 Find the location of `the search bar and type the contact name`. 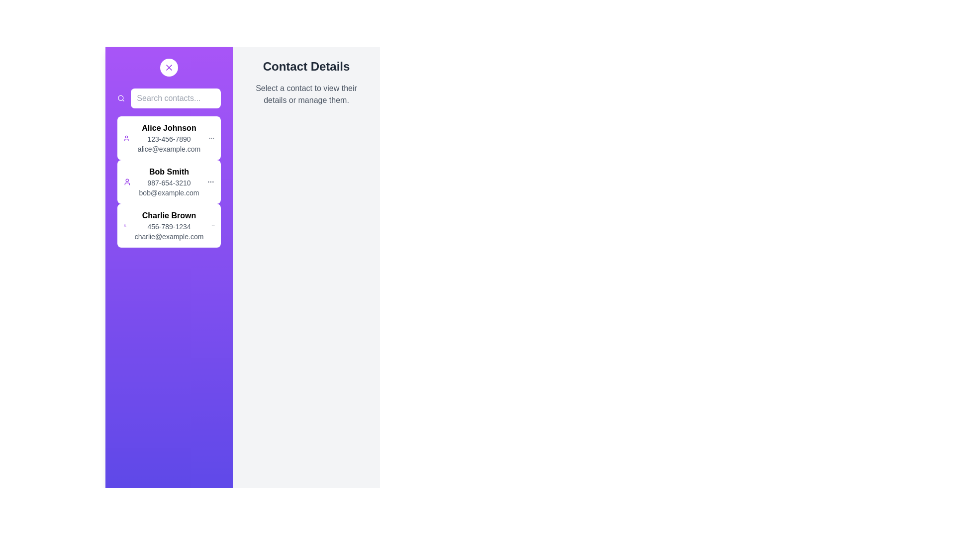

the search bar and type the contact name is located at coordinates (176, 98).